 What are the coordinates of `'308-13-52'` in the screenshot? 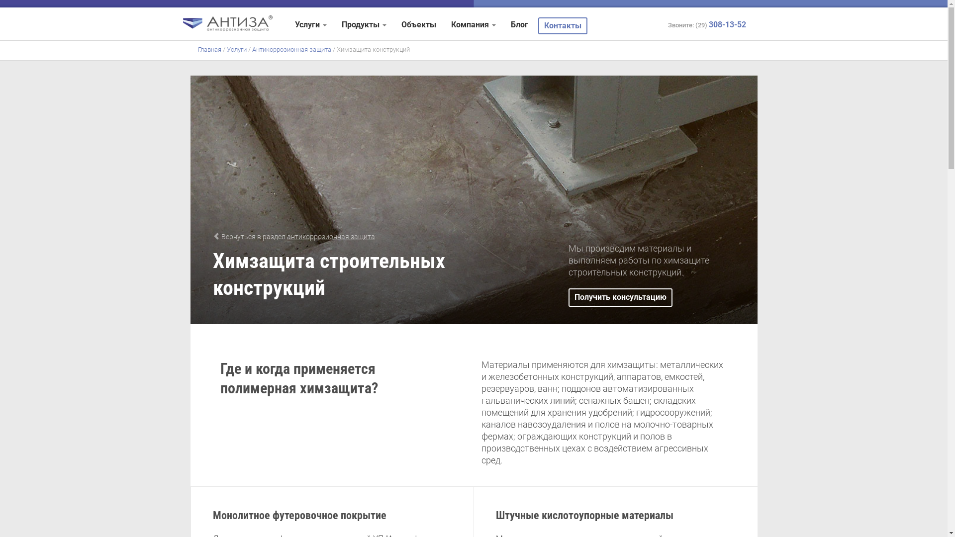 It's located at (727, 24).